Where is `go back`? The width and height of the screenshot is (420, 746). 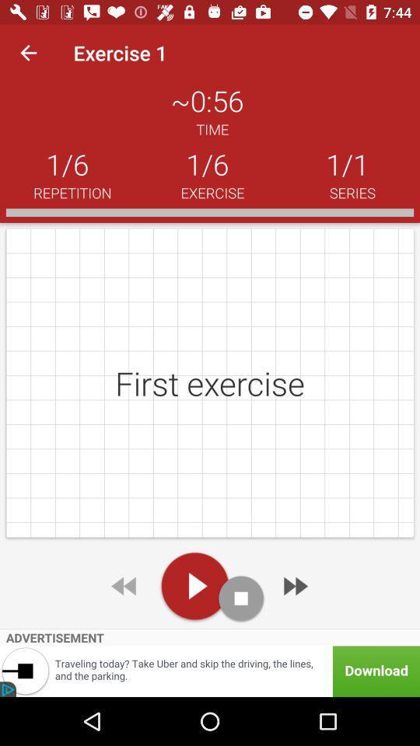 go back is located at coordinates (124, 585).